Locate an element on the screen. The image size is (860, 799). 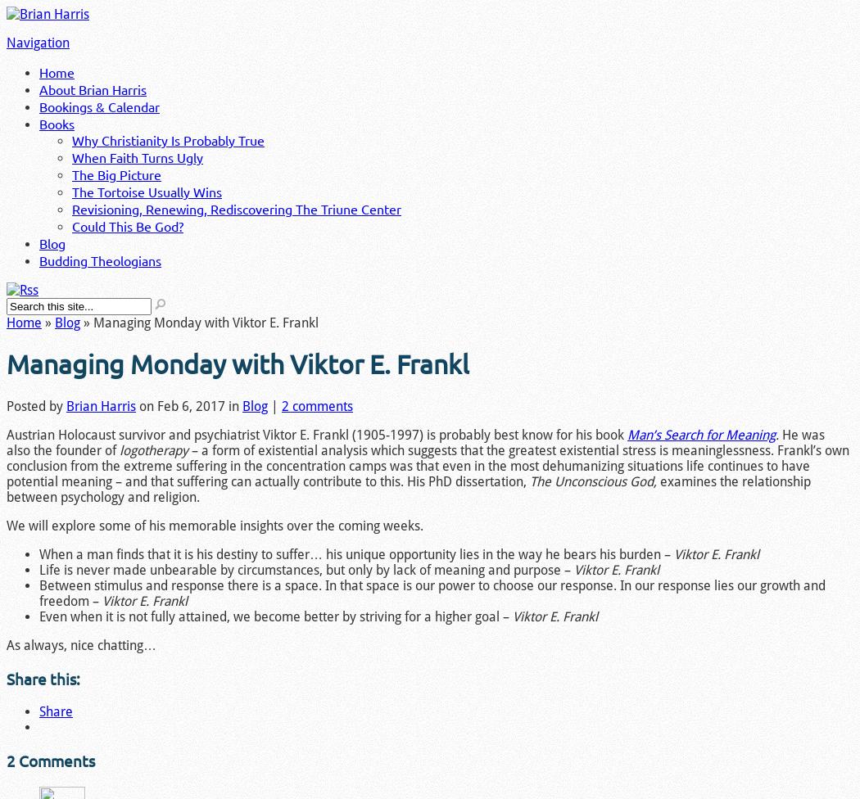
'When Faith Turns Ugly' is located at coordinates (138, 156).